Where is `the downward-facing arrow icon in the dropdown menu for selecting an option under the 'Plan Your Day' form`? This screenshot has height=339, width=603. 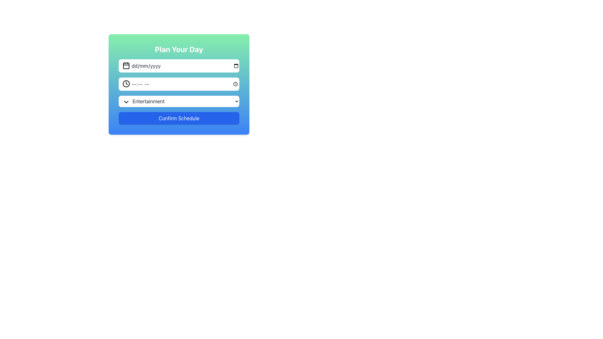
the downward-facing arrow icon in the dropdown menu for selecting an option under the 'Plan Your Day' form is located at coordinates (126, 101).